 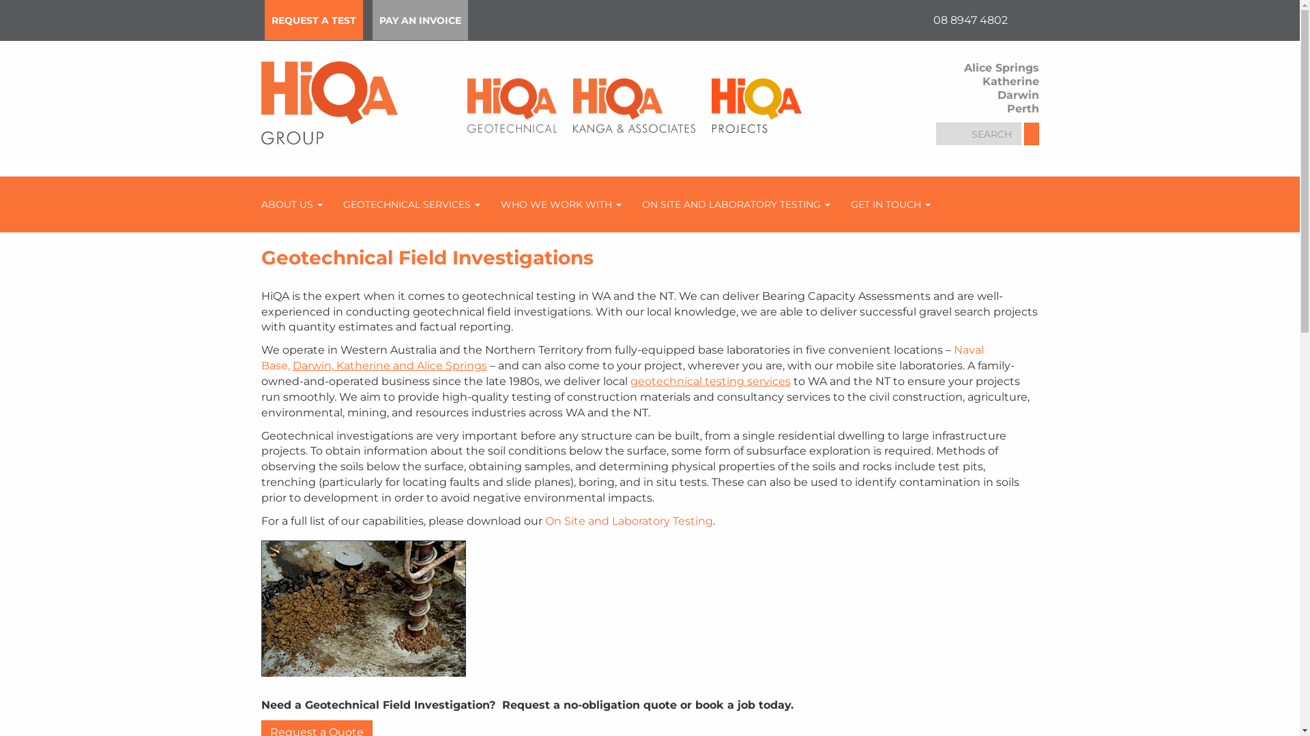 I want to click on ' 08 8947 4802', so click(x=968, y=20).